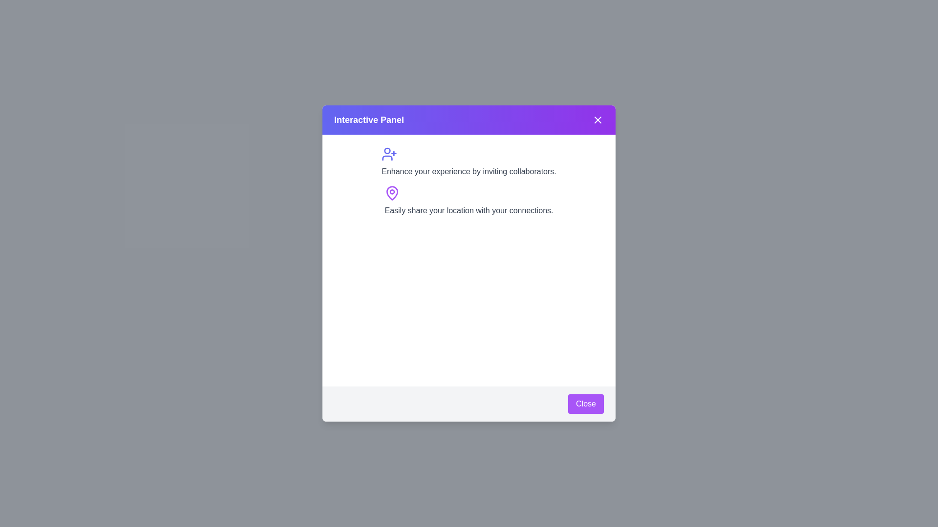 This screenshot has width=938, height=527. What do you see at coordinates (469, 201) in the screenshot?
I see `the text block that provides guidance about sharing location, located below the title 'Enhance your experience by inviting collaborators.'` at bounding box center [469, 201].